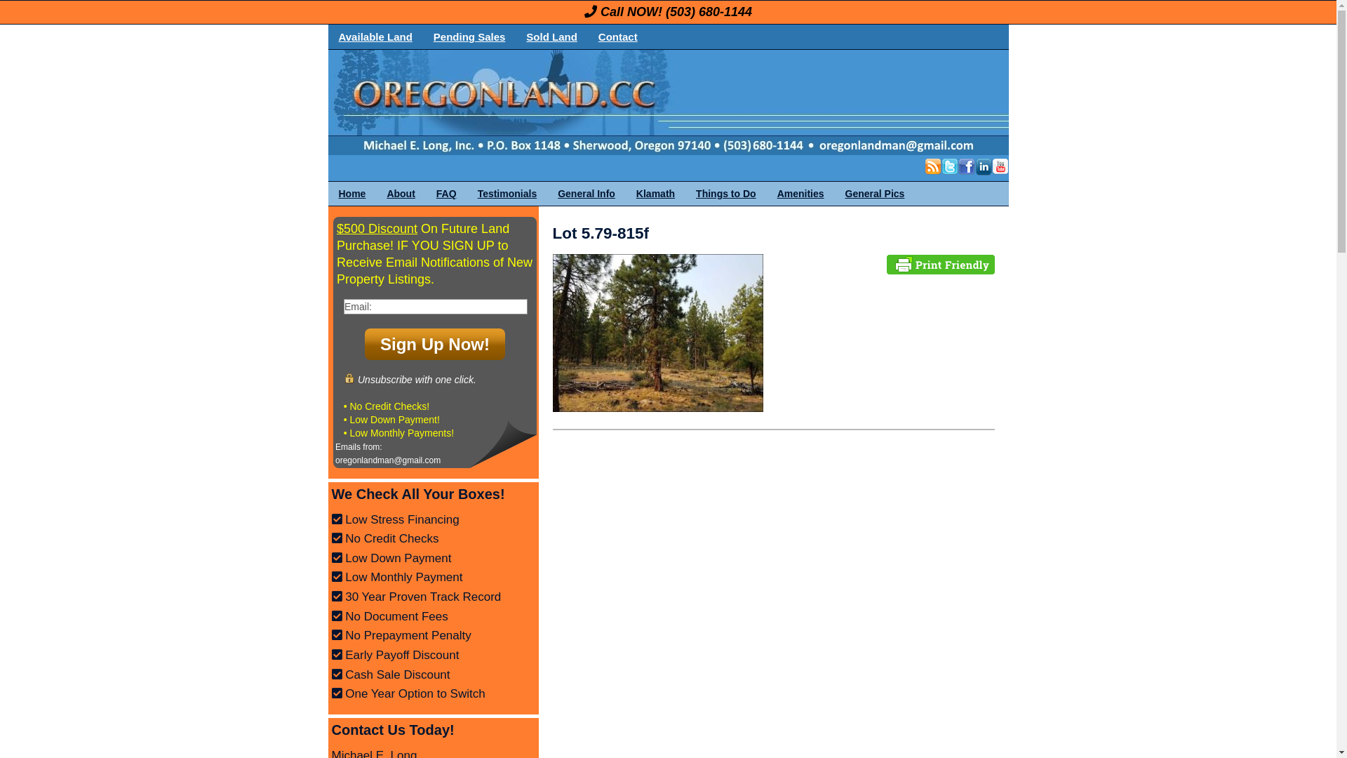  I want to click on 'Sign Up Now!', so click(434, 344).